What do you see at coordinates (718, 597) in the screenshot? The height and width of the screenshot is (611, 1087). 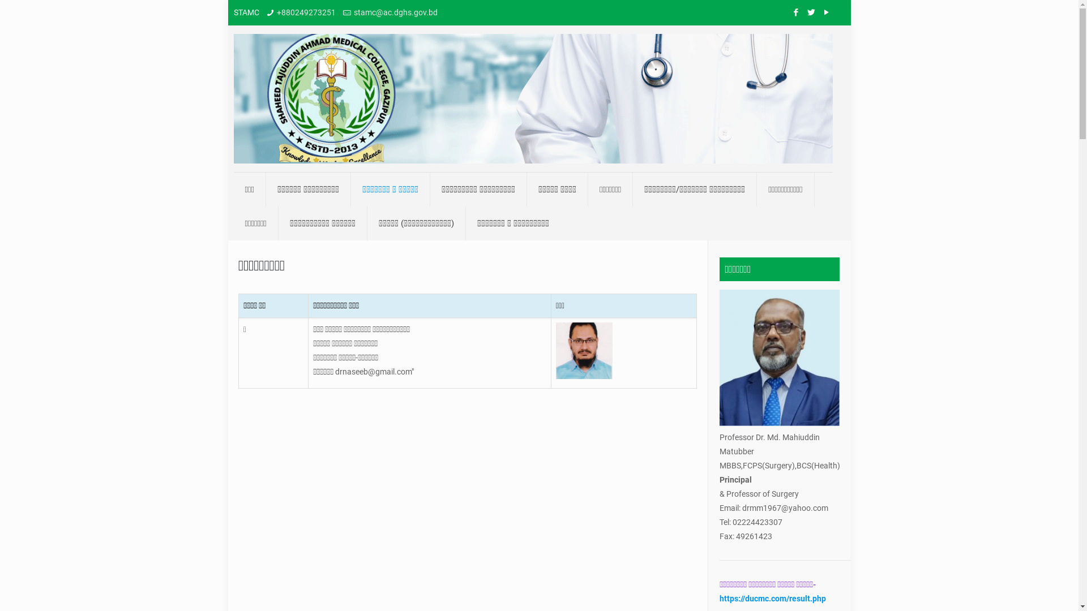 I see `'http'` at bounding box center [718, 597].